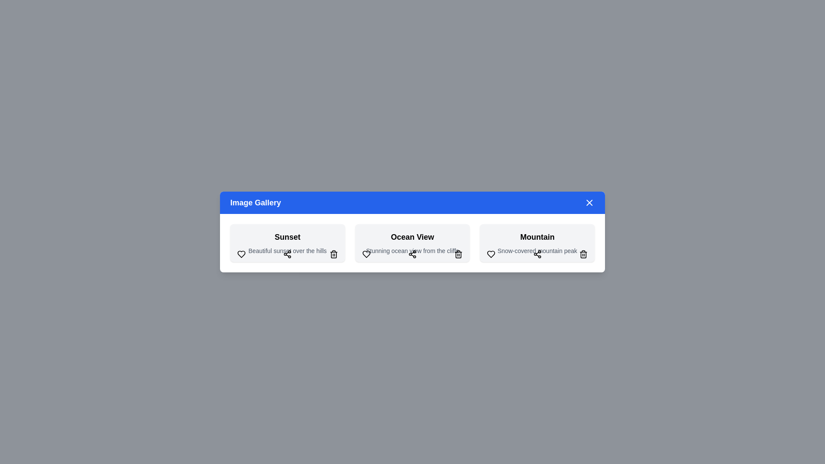  What do you see at coordinates (536, 253) in the screenshot?
I see `the share button for the Mountain image` at bounding box center [536, 253].